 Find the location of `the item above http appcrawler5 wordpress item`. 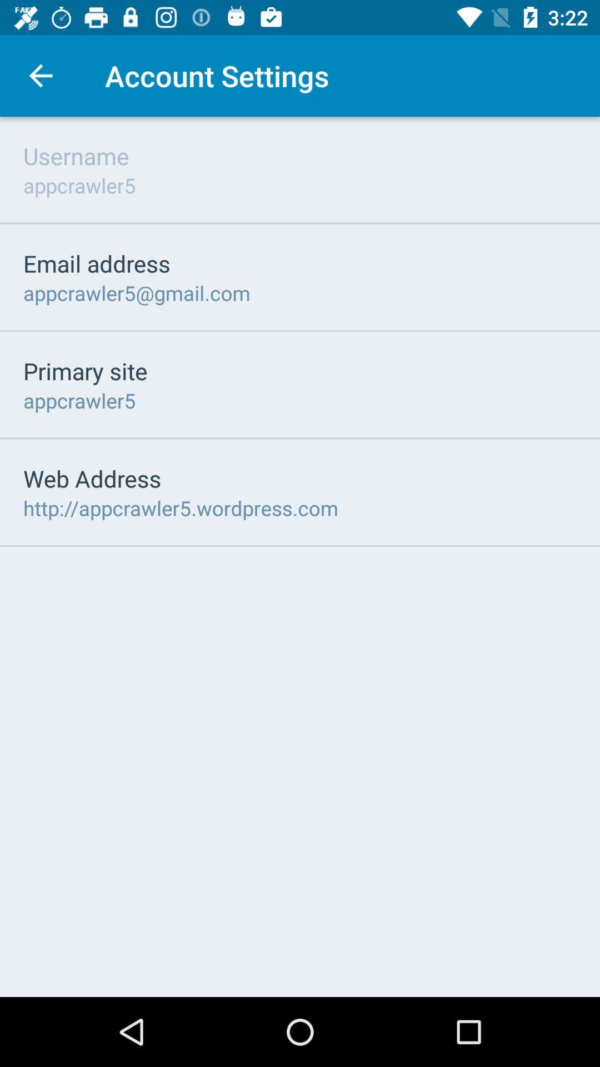

the item above http appcrawler5 wordpress item is located at coordinates (92, 478).